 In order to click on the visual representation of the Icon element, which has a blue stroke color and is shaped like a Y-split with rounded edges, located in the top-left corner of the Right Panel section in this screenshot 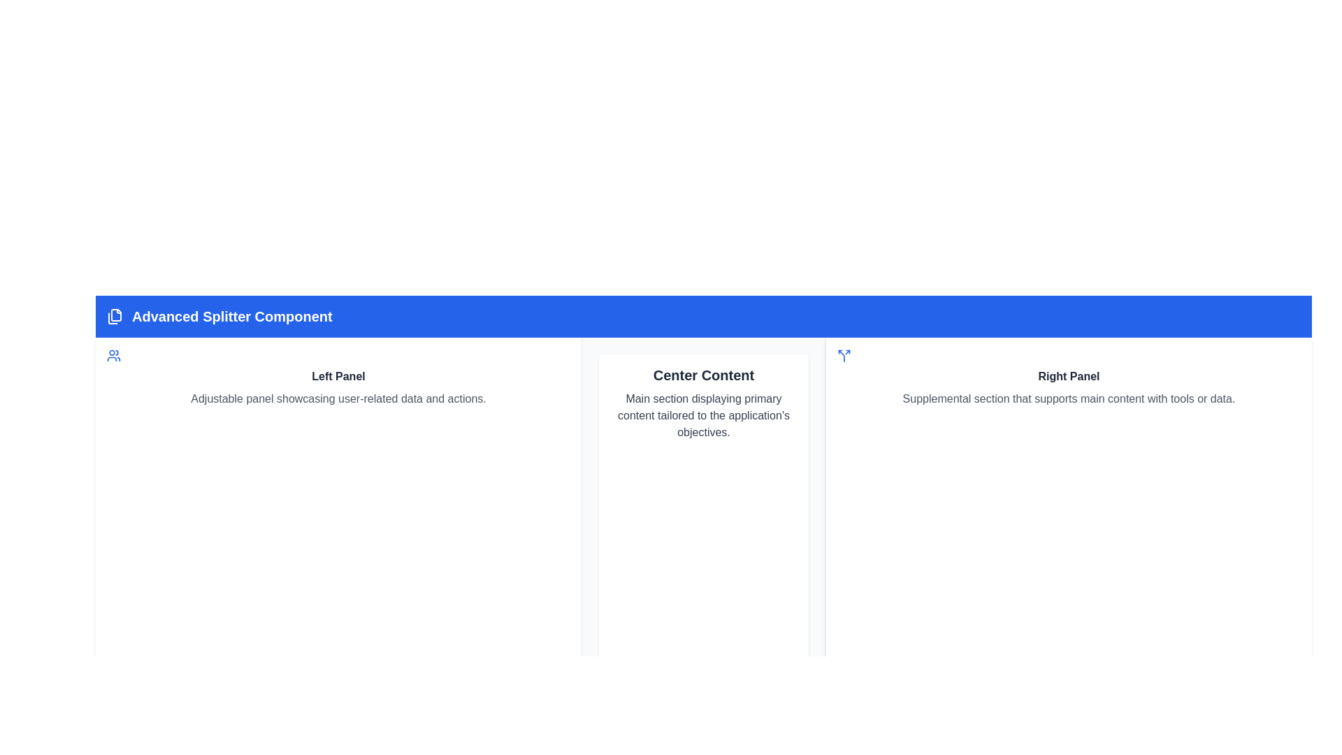, I will do `click(844, 355)`.